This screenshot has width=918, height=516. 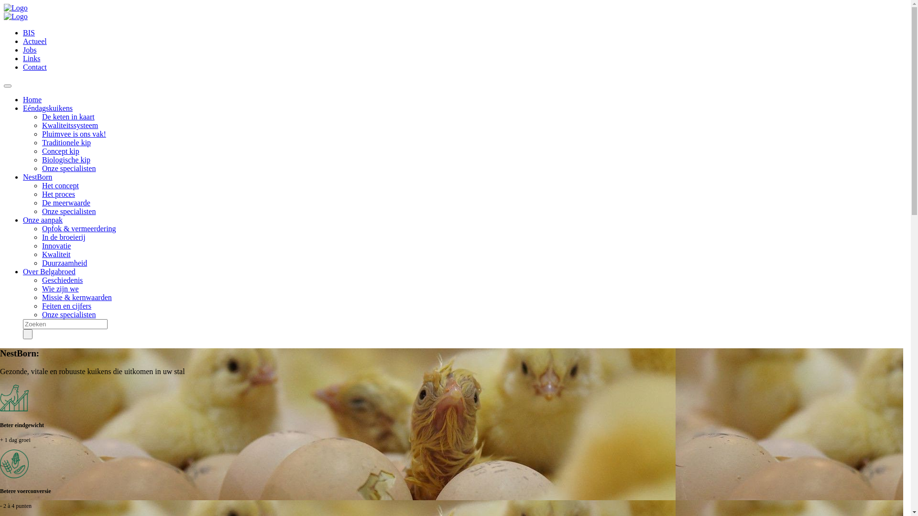 What do you see at coordinates (60, 185) in the screenshot?
I see `'Het concept'` at bounding box center [60, 185].